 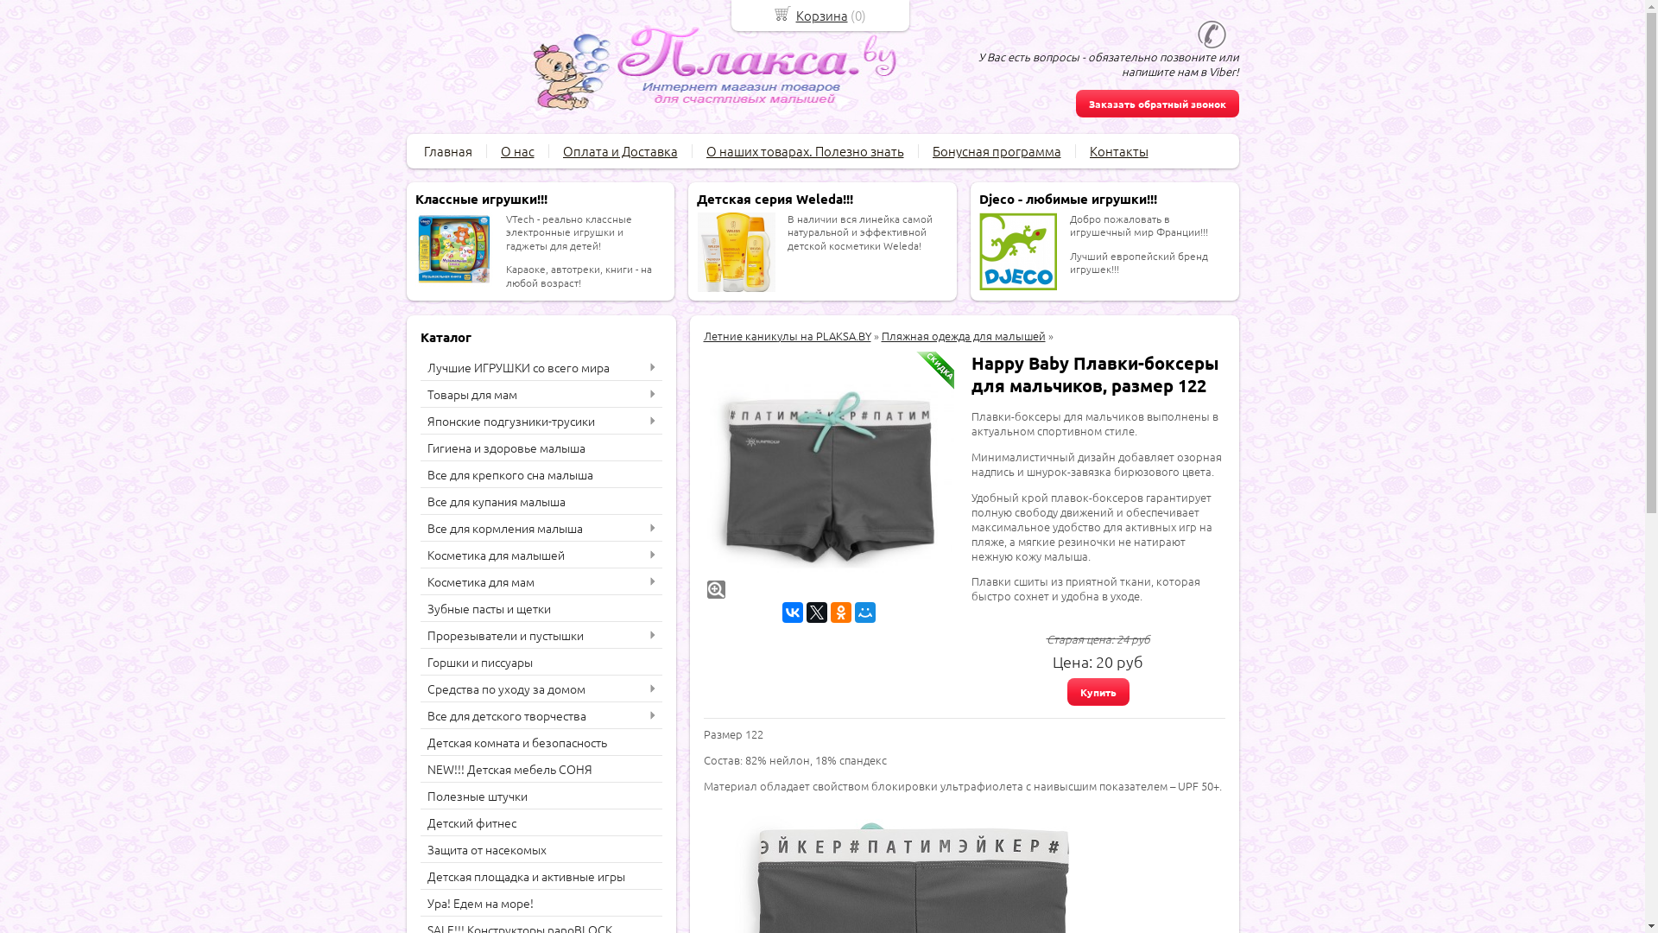 I want to click on 'Twitter', so click(x=815, y=612).